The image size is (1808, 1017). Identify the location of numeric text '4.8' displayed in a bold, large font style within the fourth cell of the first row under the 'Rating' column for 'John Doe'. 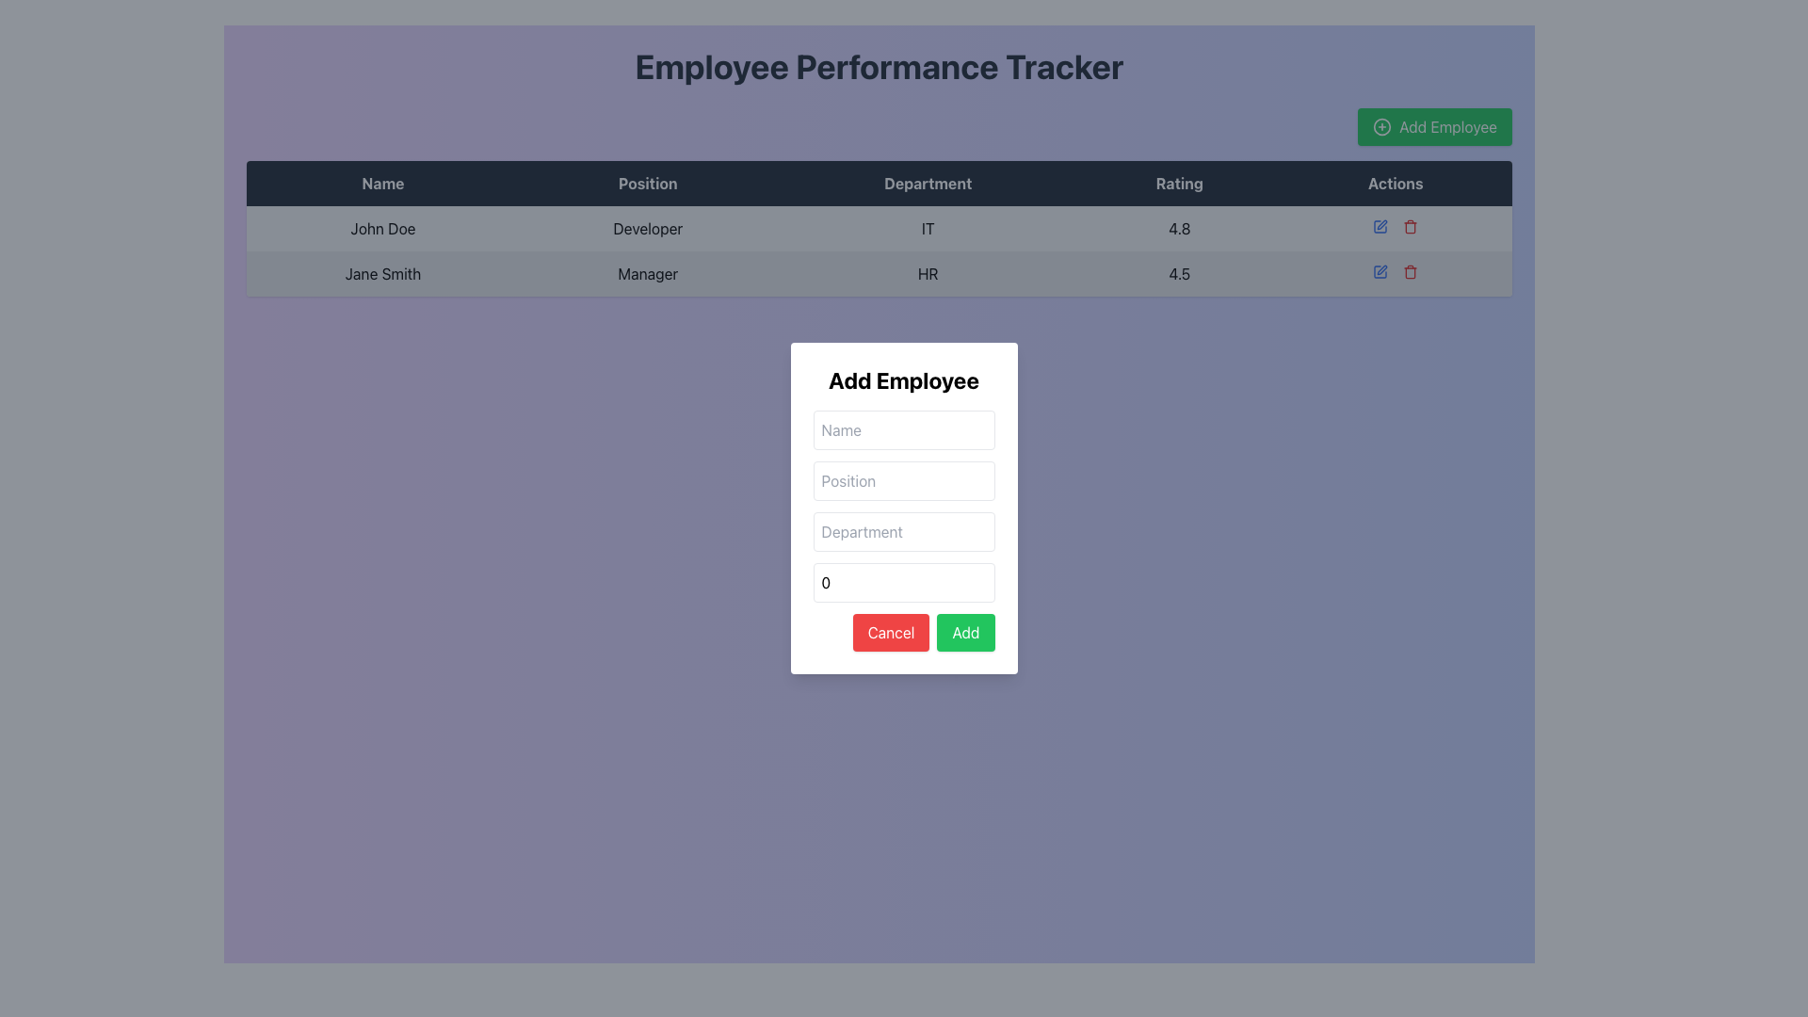
(1178, 228).